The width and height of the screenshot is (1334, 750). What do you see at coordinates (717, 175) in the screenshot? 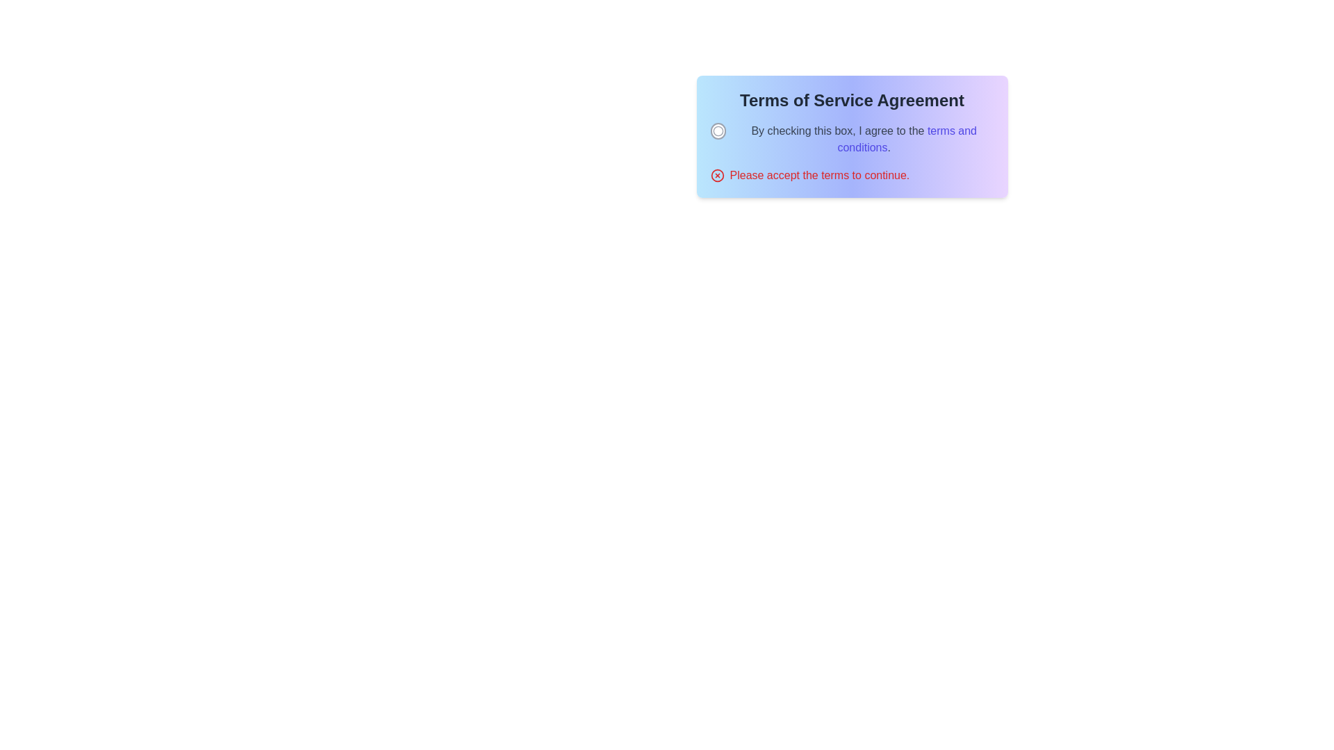
I see `the error or warning icon located on the left side of the line containing the error message 'Please accept the terms` at bounding box center [717, 175].